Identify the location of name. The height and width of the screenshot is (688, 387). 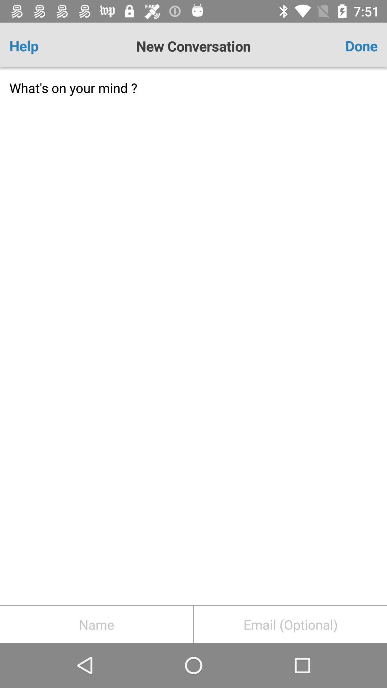
(96, 624).